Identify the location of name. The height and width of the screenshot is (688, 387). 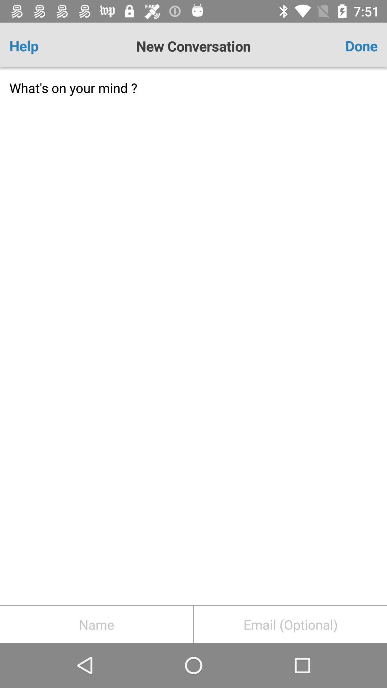
(96, 624).